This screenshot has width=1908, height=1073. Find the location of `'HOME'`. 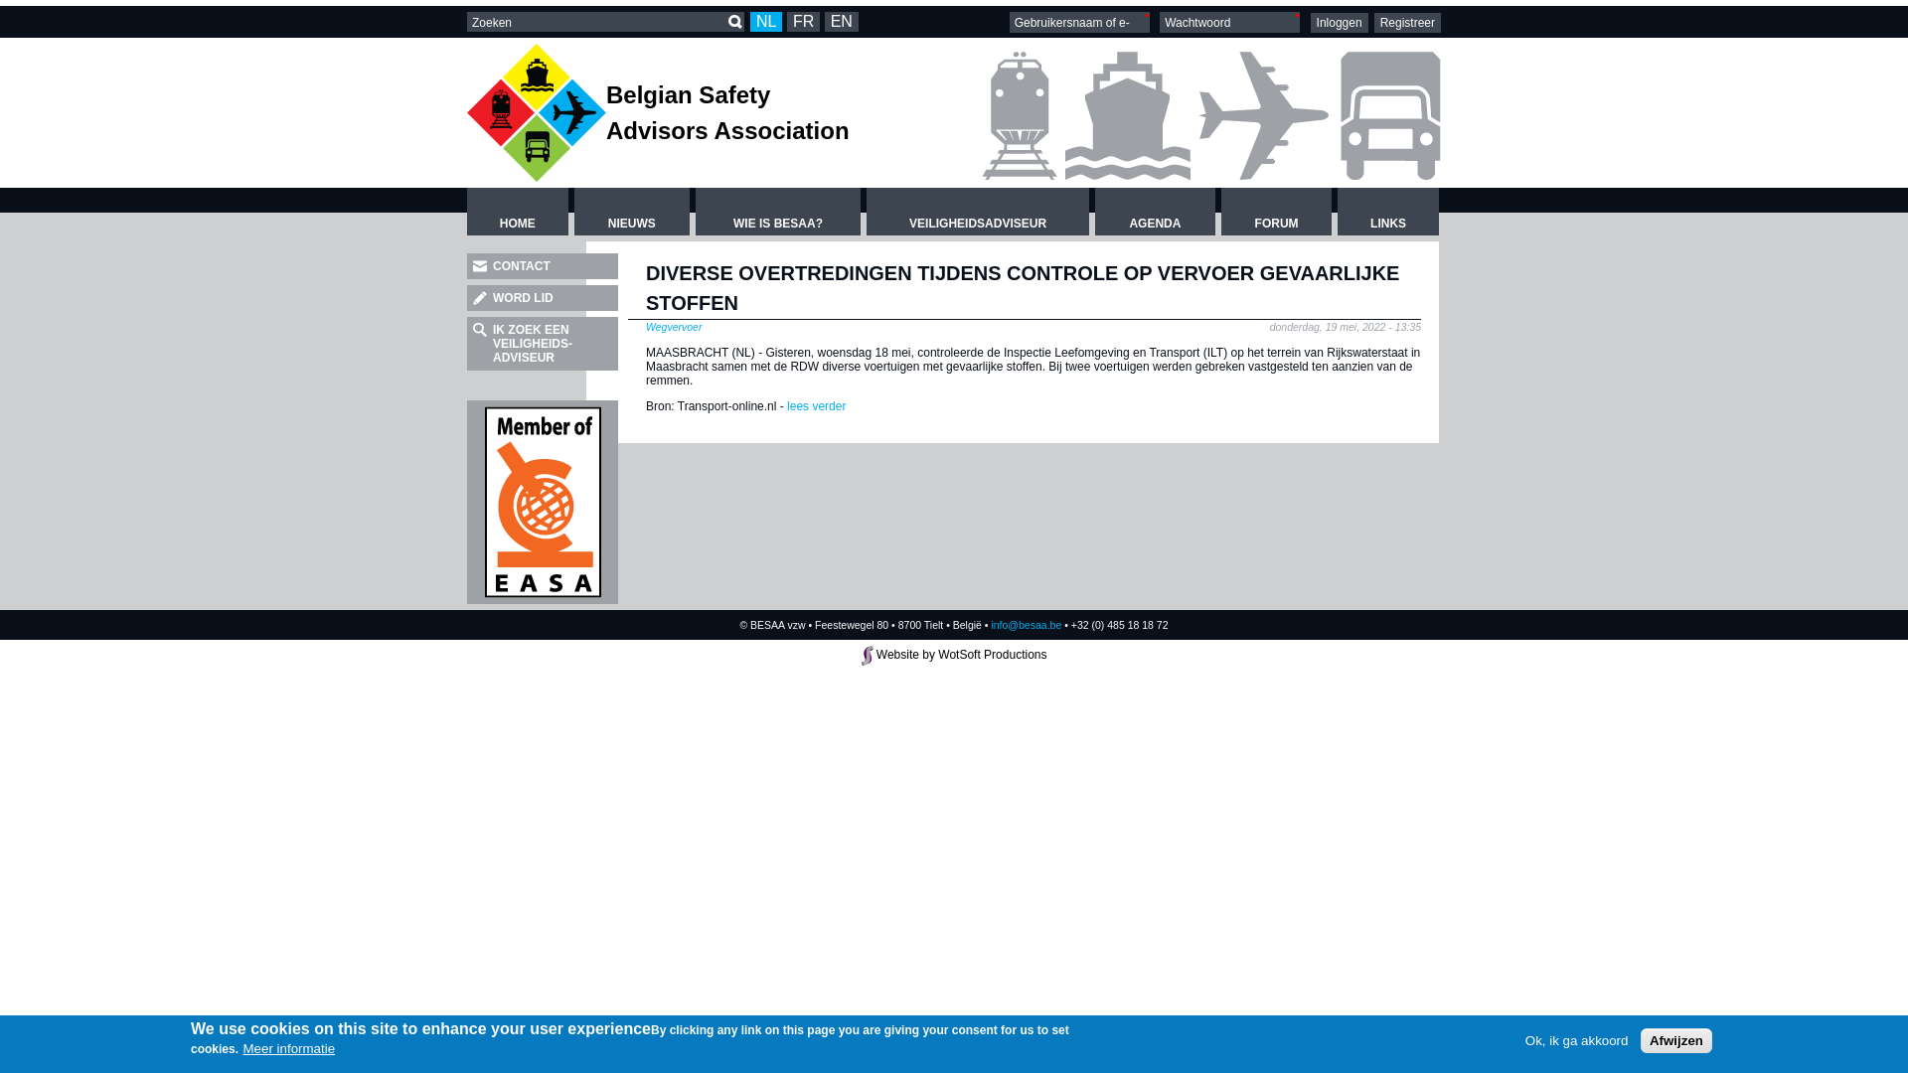

'HOME' is located at coordinates (466, 211).